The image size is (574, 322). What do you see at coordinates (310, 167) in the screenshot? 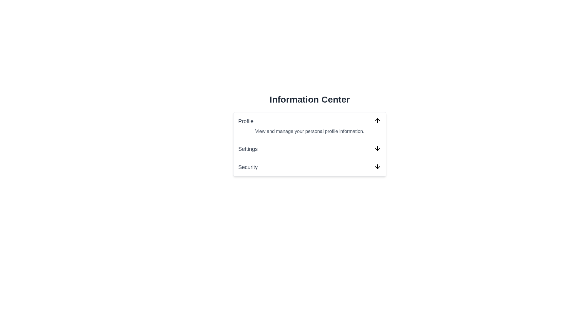
I see `the 'Security' button, which is the third item in the vertical list within the 'Information Center' card` at bounding box center [310, 167].